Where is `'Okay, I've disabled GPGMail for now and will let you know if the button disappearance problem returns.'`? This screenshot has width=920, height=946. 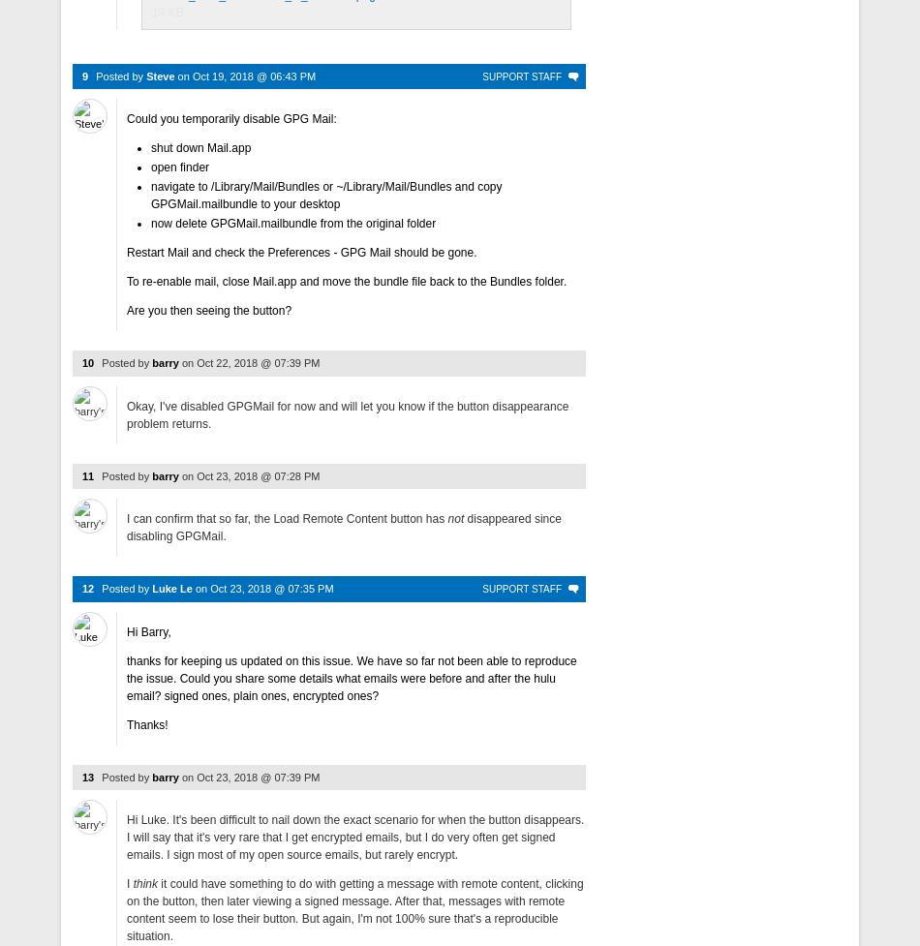
'Okay, I've disabled GPGMail for now and will let you know if the button disappearance problem returns.' is located at coordinates (347, 414).